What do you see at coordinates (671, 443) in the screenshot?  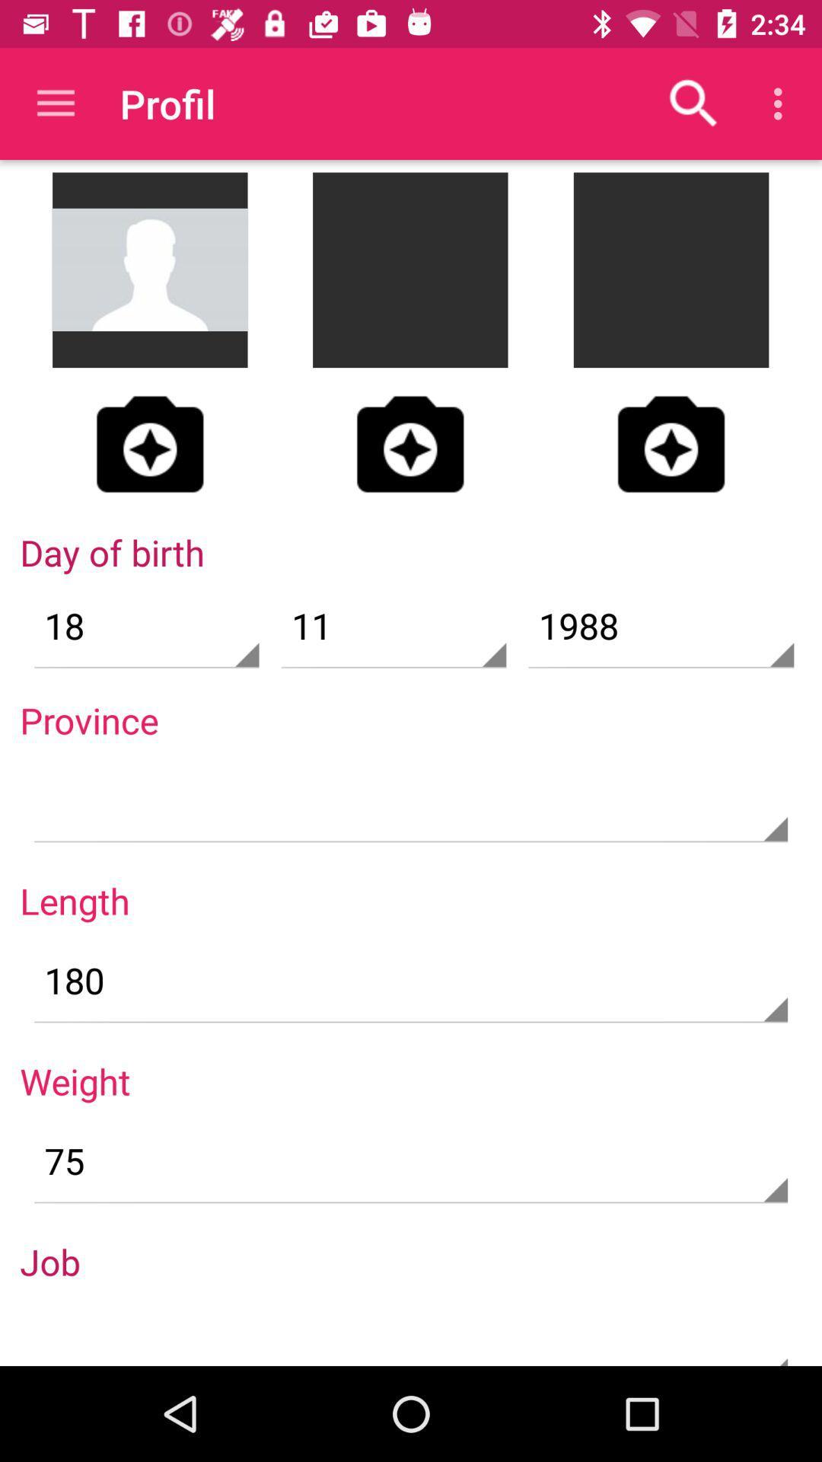 I see `picture` at bounding box center [671, 443].